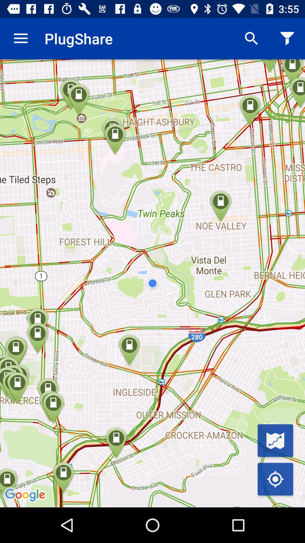 The height and width of the screenshot is (543, 305). I want to click on the bookmark icon, so click(275, 440).